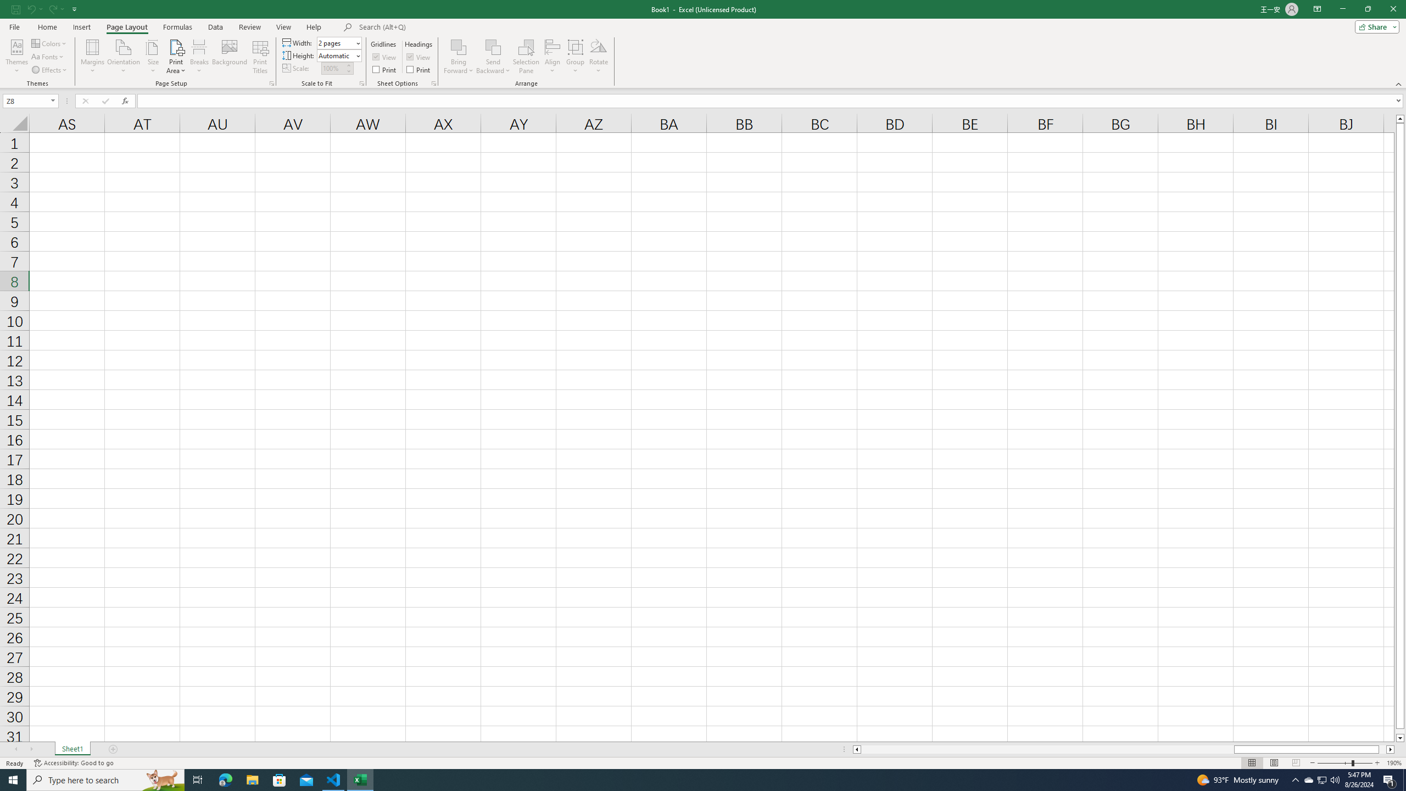 The image size is (1406, 791). I want to click on 'Width', so click(336, 42).